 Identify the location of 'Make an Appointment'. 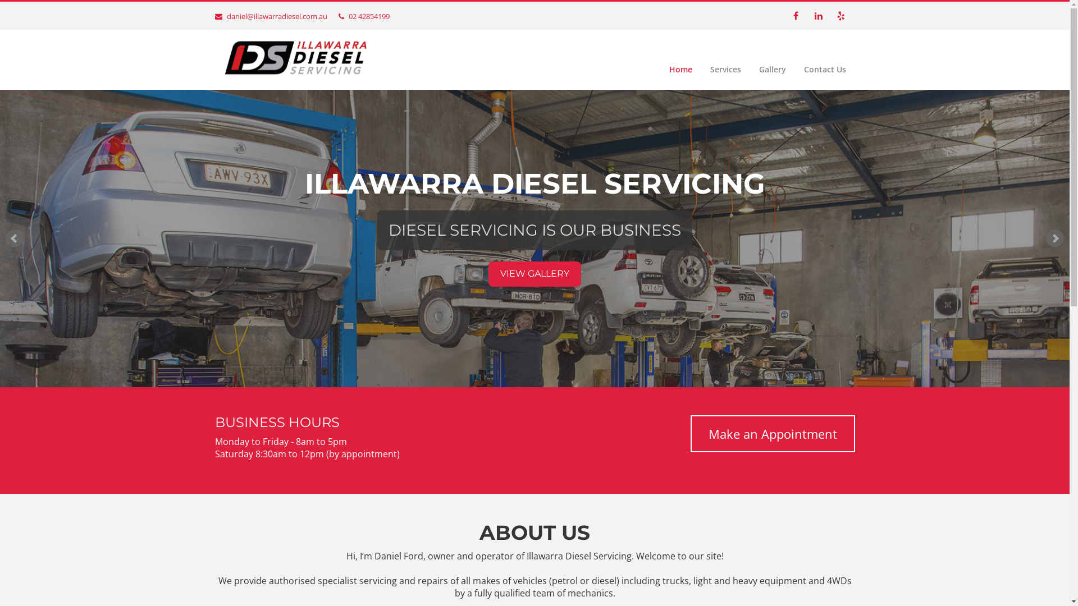
(772, 433).